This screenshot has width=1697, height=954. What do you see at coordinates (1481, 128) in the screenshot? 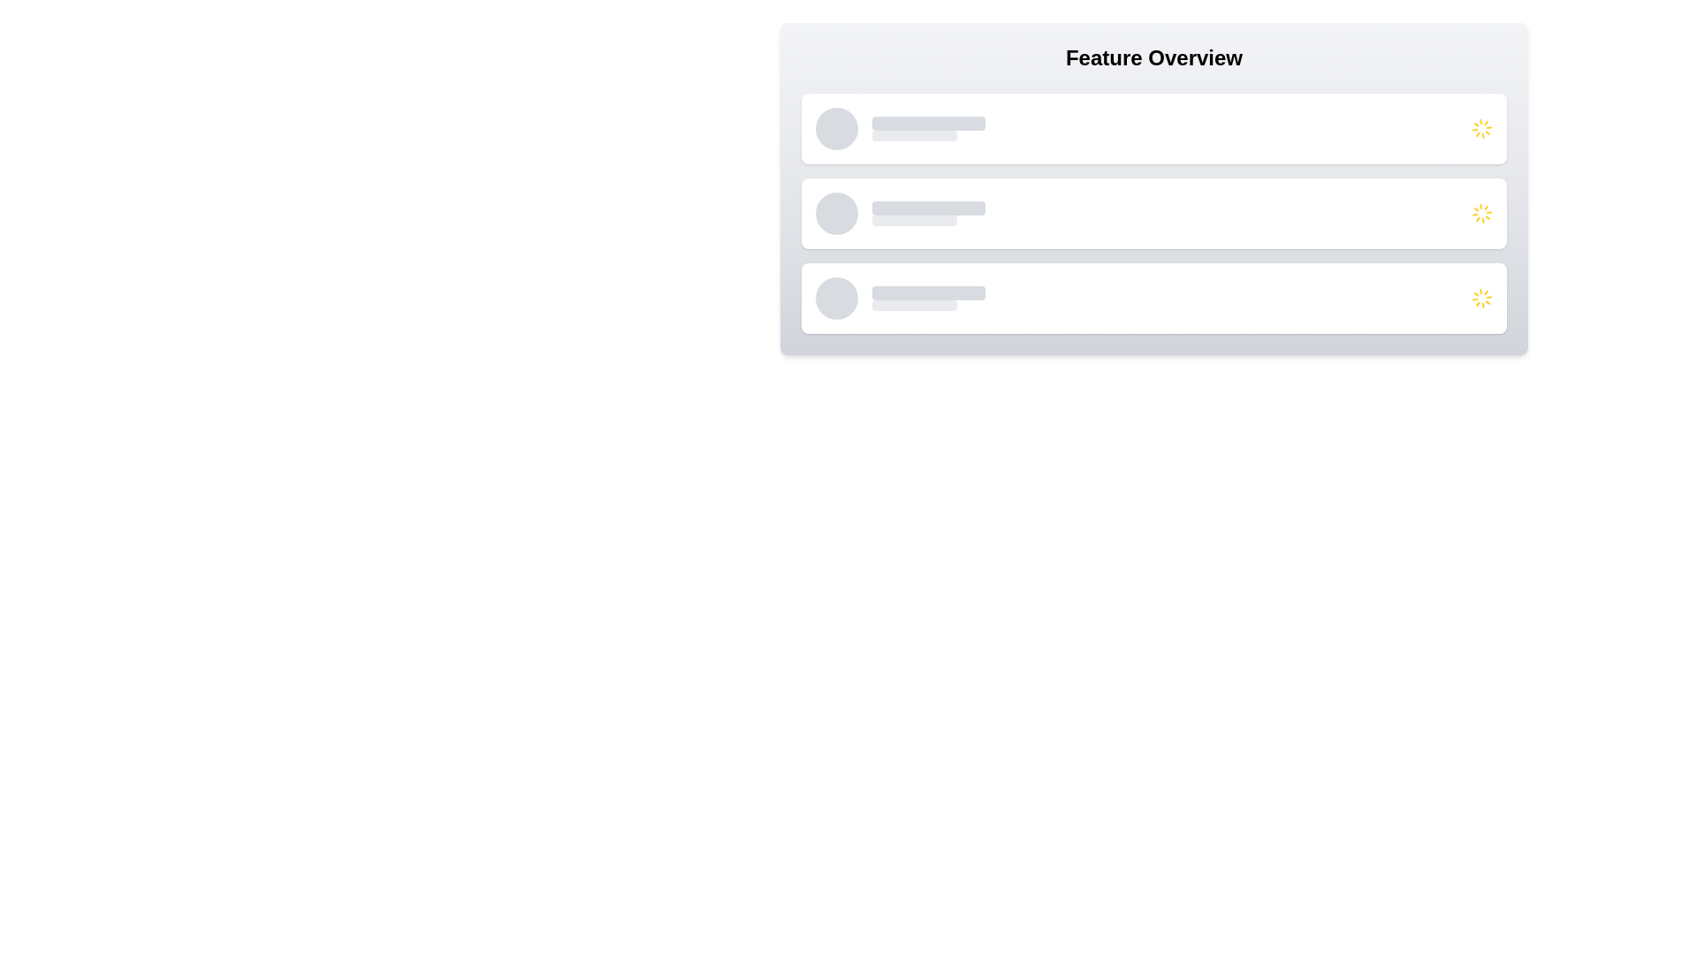
I see `the spinning behavior of the loader icon, which is a spinning yellow star-like icon located on the far right side of the first row of cards` at bounding box center [1481, 128].